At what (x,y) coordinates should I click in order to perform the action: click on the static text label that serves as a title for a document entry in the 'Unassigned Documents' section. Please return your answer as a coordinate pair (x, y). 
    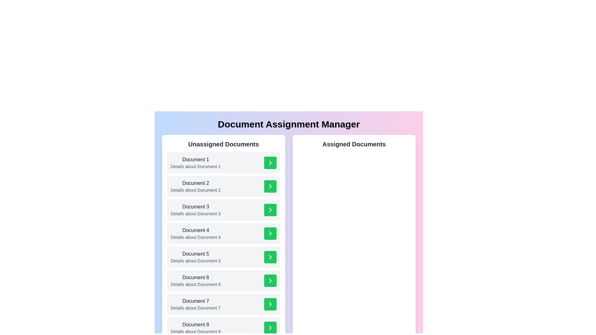
    Looking at the image, I should click on (195, 277).